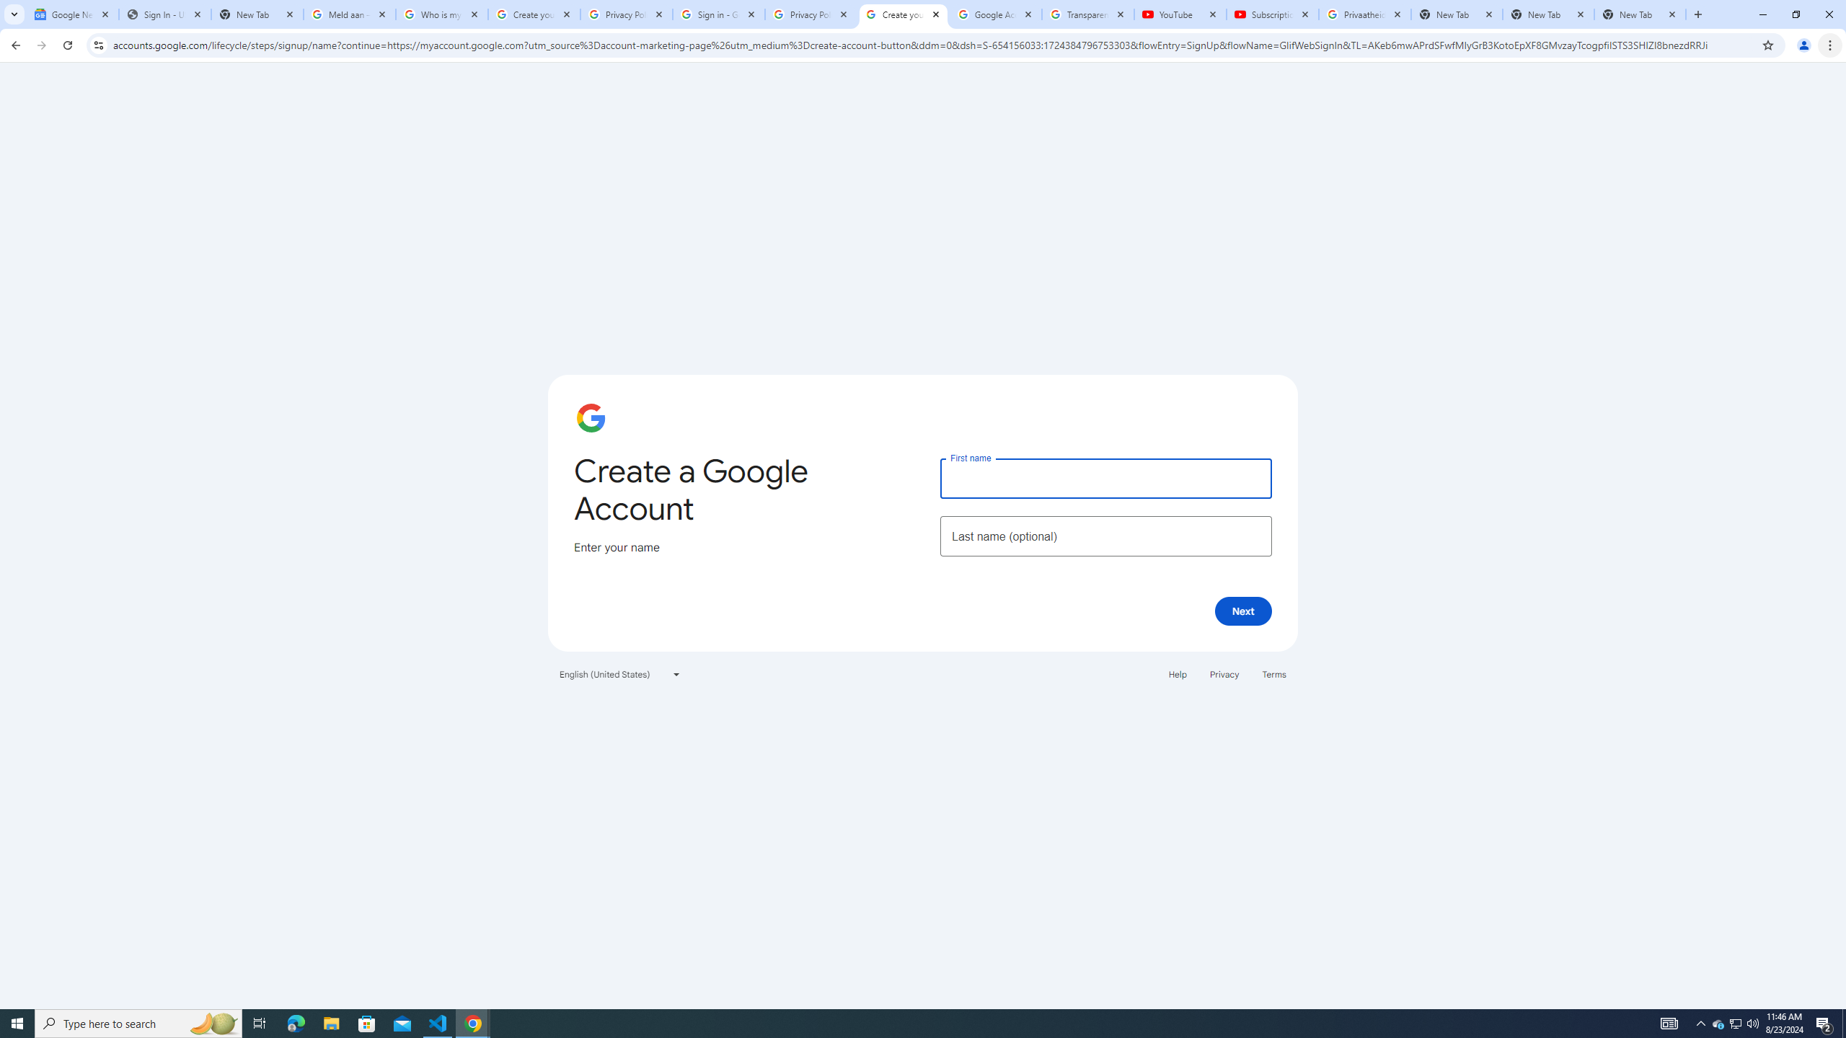 The width and height of the screenshot is (1846, 1038). I want to click on 'Address and search bar', so click(932, 44).